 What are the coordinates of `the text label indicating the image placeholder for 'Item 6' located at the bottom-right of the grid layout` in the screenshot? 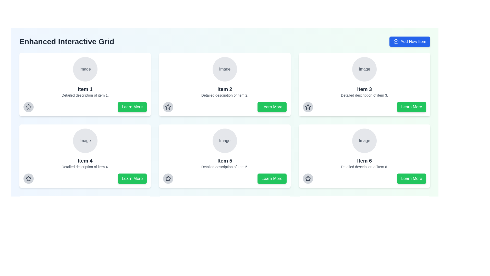 It's located at (364, 141).